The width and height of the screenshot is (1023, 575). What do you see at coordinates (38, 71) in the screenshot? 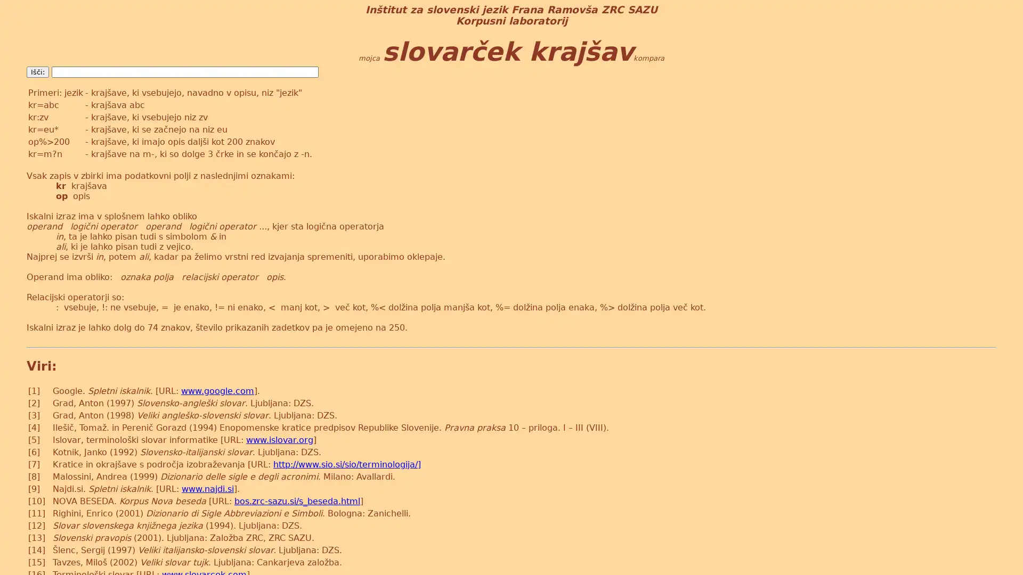
I see `Isci:` at bounding box center [38, 71].